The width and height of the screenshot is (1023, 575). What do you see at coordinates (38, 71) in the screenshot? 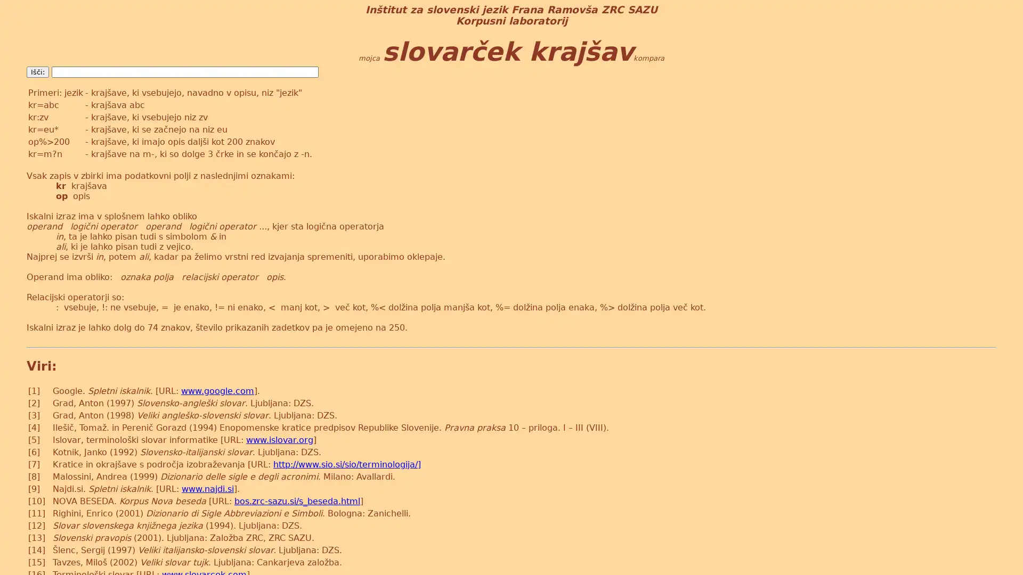
I see `Isci:` at bounding box center [38, 71].